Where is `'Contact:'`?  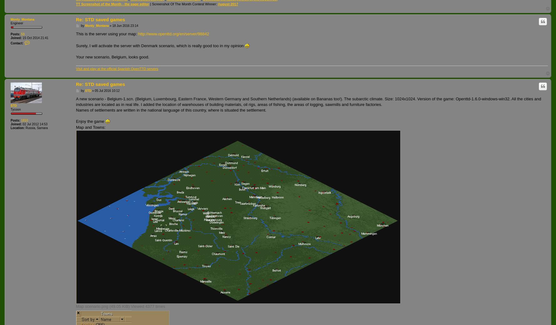
'Contact:' is located at coordinates (10, 43).